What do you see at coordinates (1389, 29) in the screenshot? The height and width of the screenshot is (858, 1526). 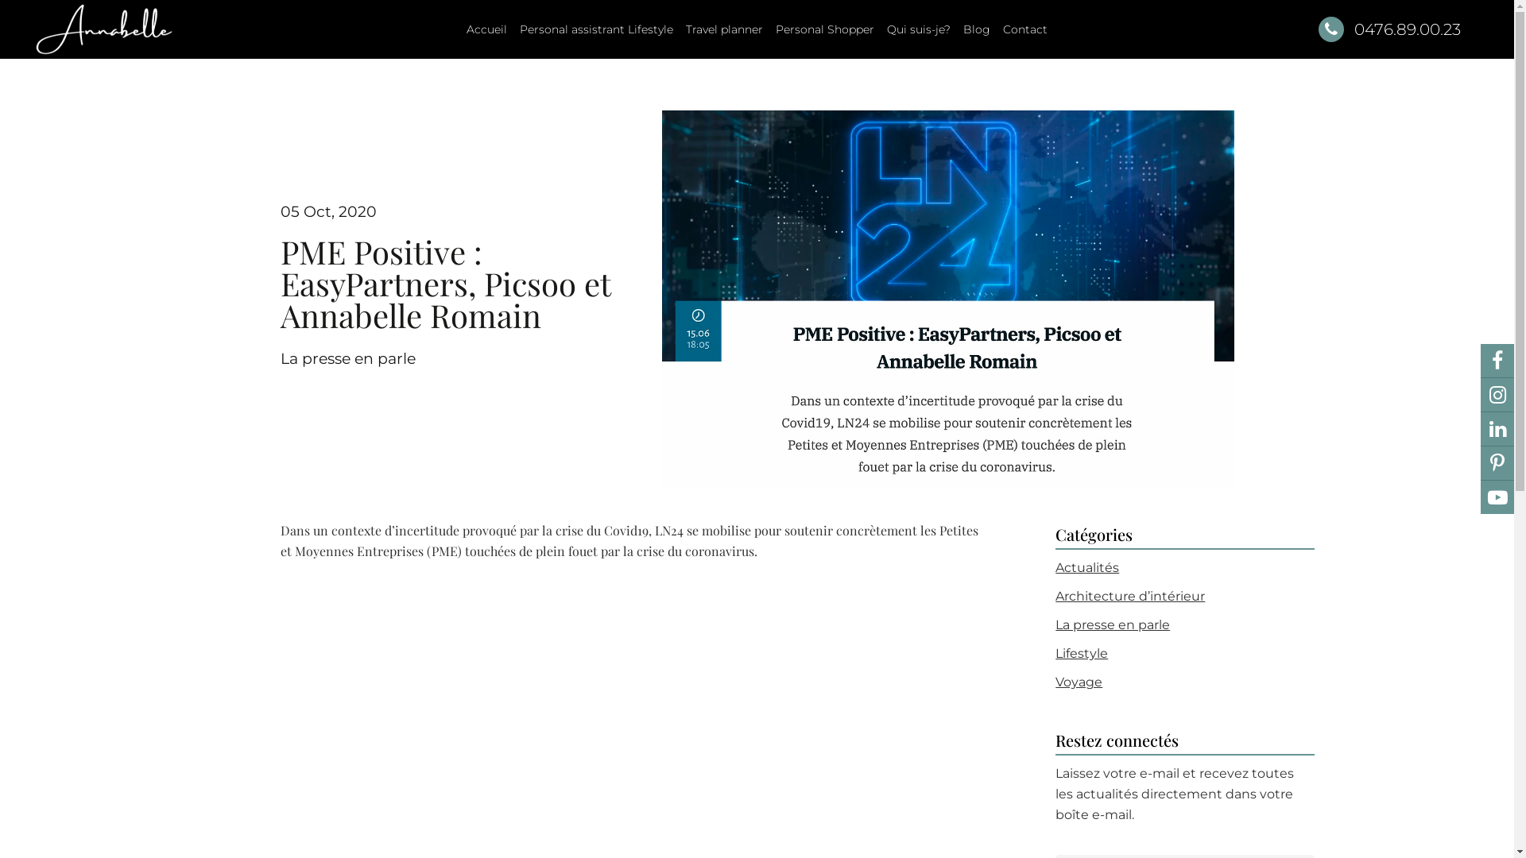 I see `'0476.89.00.23'` at bounding box center [1389, 29].